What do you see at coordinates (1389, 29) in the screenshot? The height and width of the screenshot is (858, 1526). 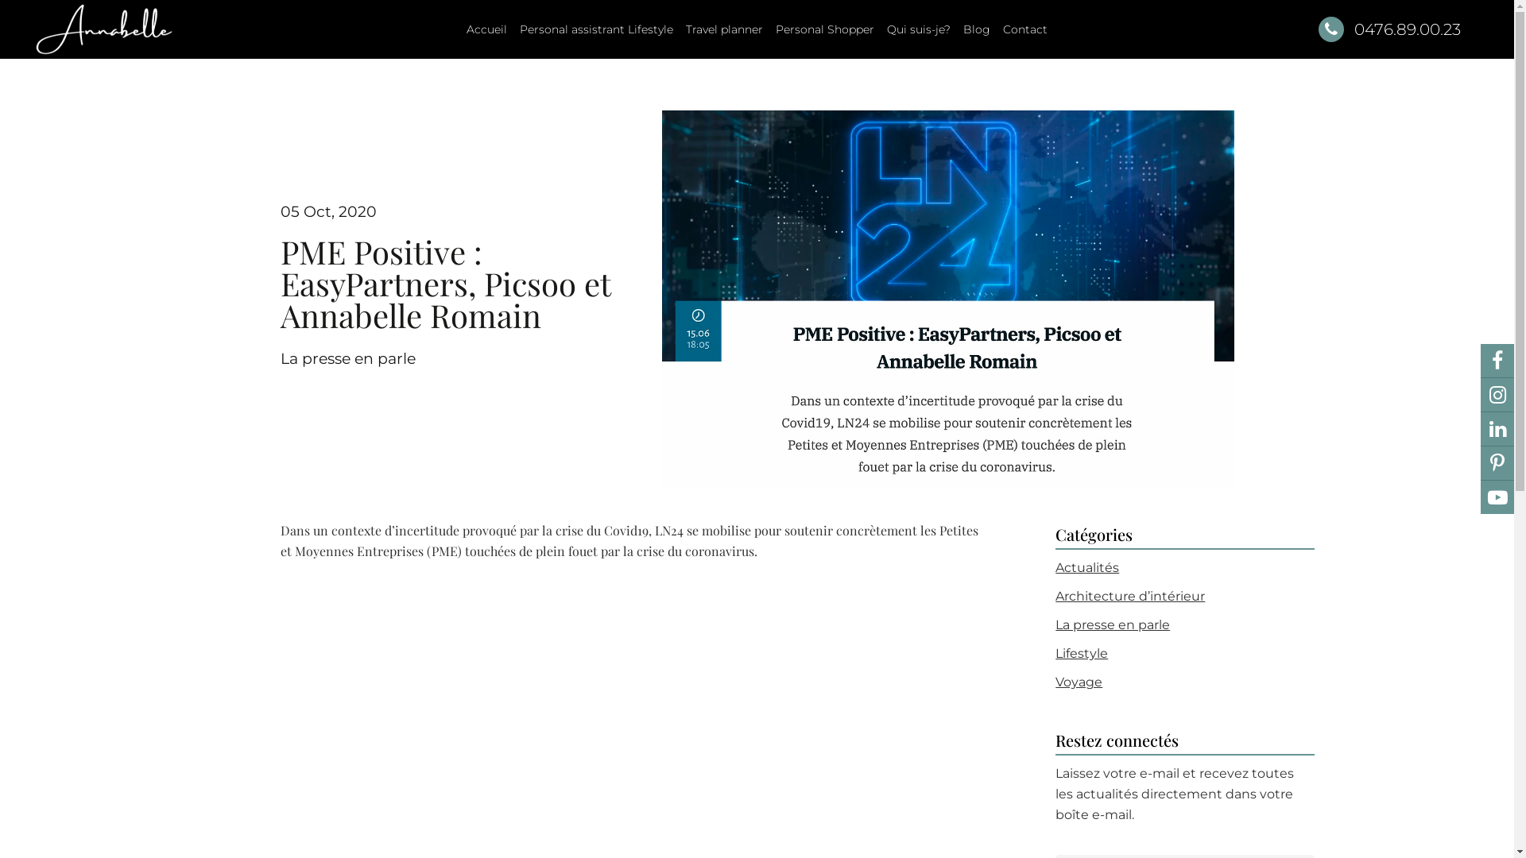 I see `'0476.89.00.23'` at bounding box center [1389, 29].